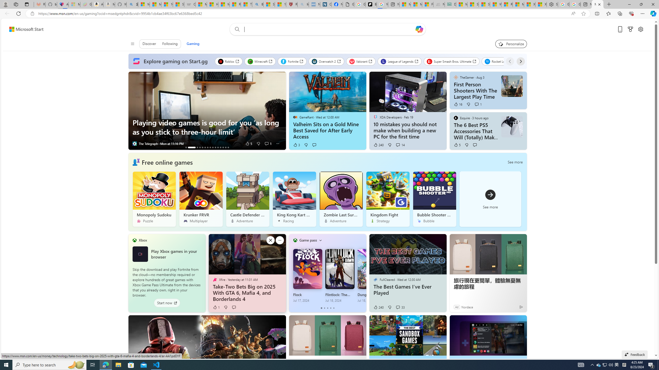 The height and width of the screenshot is (370, 659). What do you see at coordinates (500, 61) in the screenshot?
I see `'Rocket League'` at bounding box center [500, 61].